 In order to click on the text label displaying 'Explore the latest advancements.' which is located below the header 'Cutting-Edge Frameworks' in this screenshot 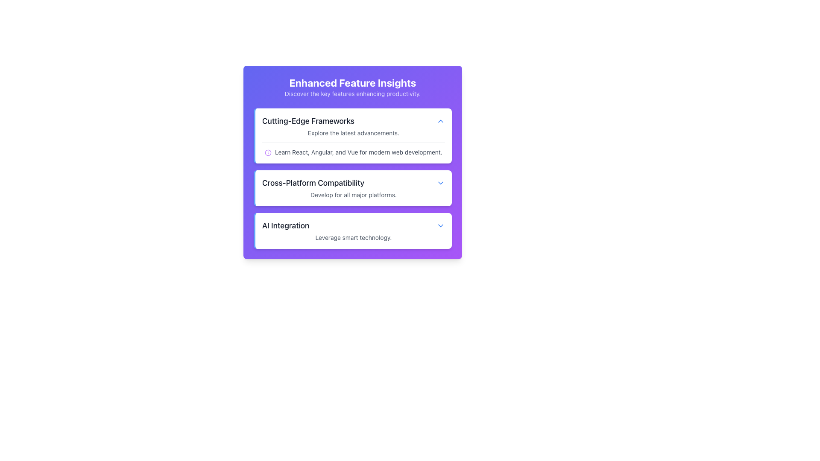, I will do `click(354, 133)`.